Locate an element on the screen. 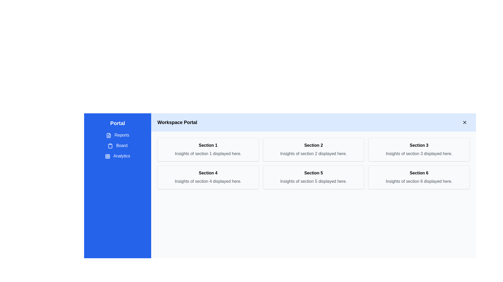 The width and height of the screenshot is (503, 282). the clipboard icon in the left navigation bar is located at coordinates (110, 146).